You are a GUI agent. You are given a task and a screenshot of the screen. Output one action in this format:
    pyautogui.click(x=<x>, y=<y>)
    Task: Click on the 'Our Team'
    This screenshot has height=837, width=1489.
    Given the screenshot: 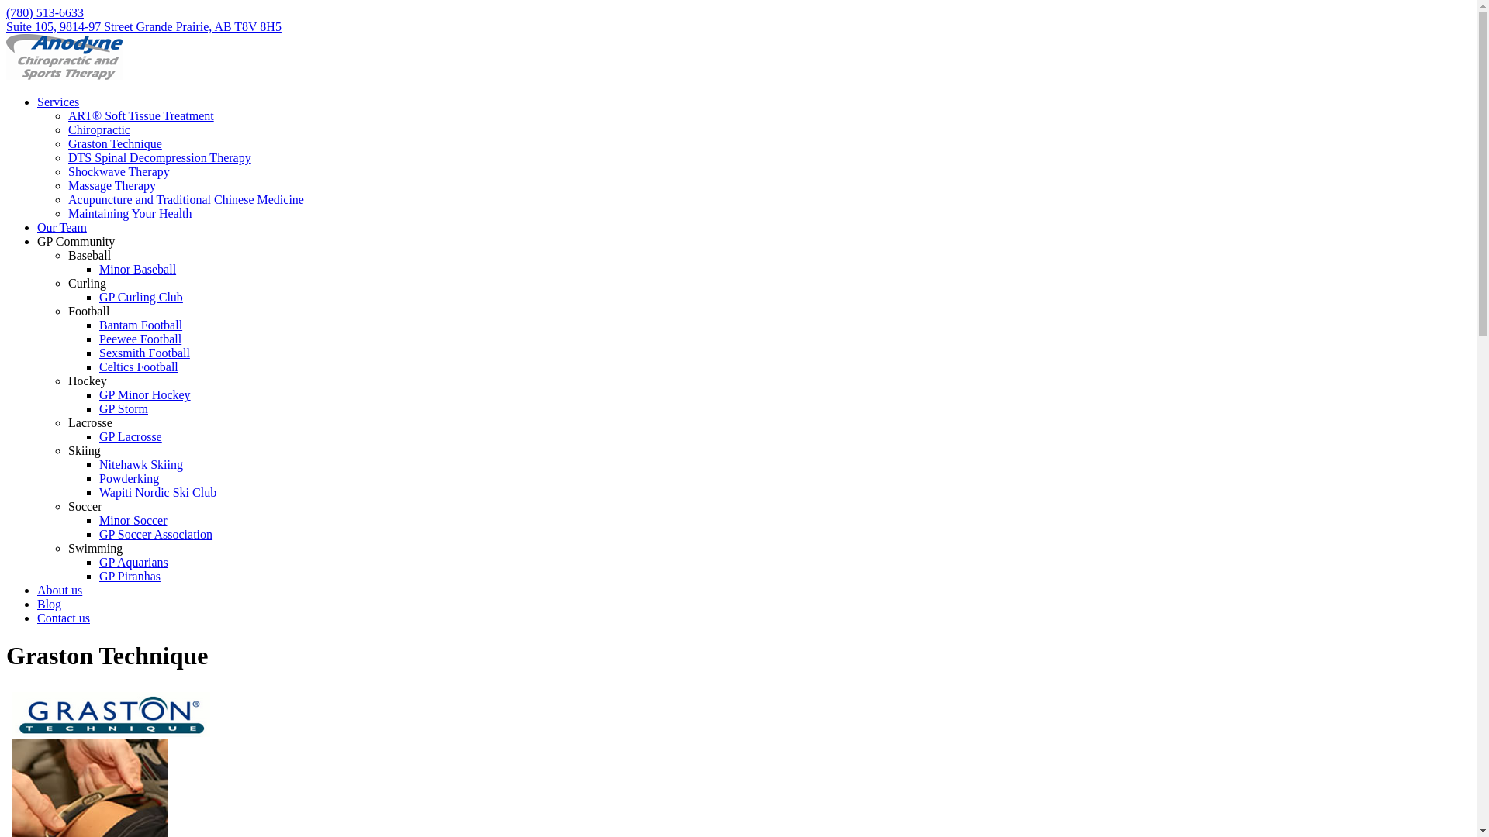 What is the action you would take?
    pyautogui.click(x=62, y=227)
    